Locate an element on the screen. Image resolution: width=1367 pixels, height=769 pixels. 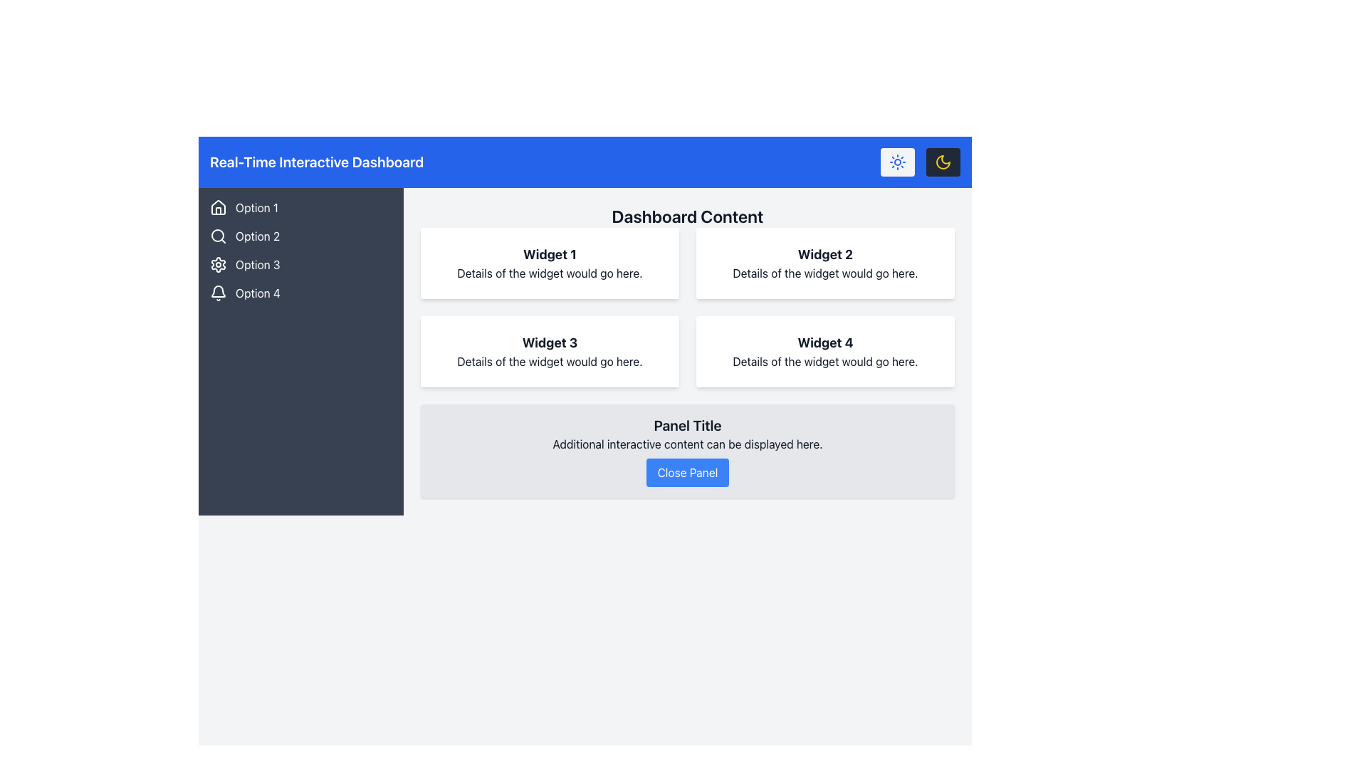
the toggle button for dark mode located at the top-right corner of the layout, next to the sun icon button, to switch the interface's theme to a darker color palette is located at coordinates (943, 161).